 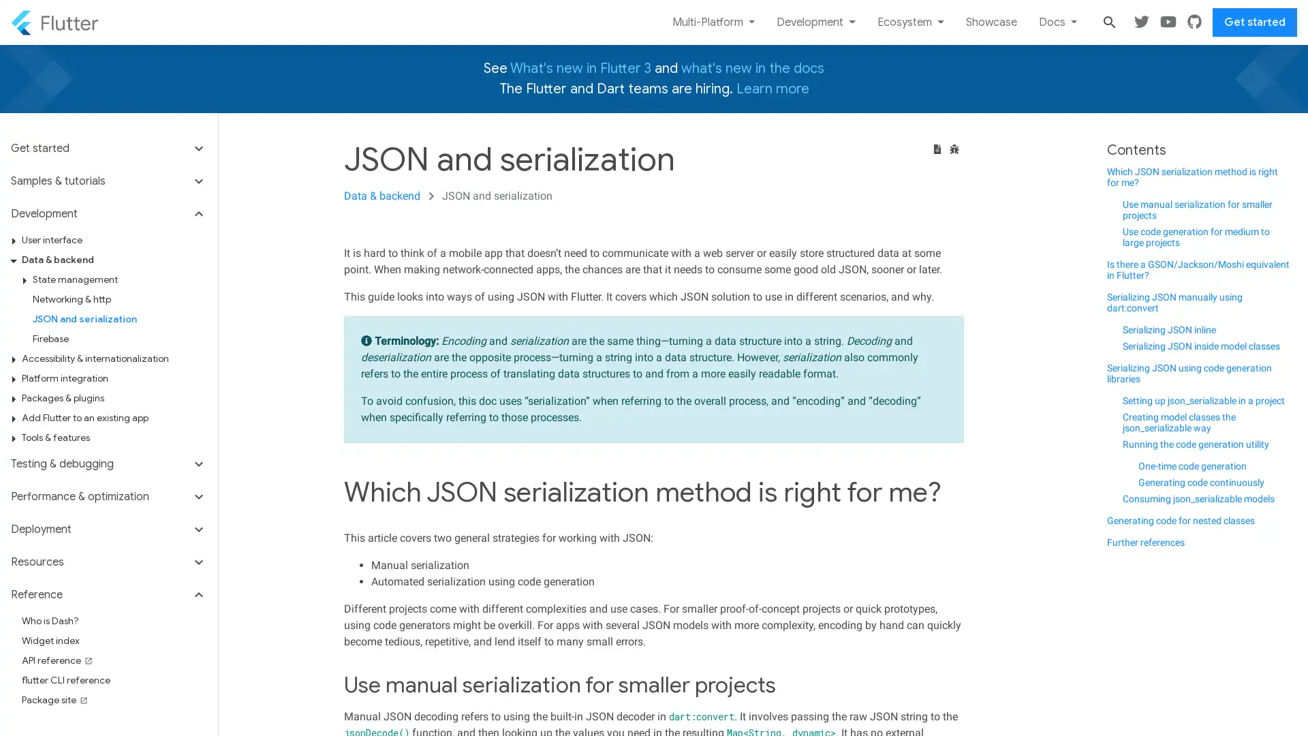 I want to click on Samples & tutorials keyboard_arrow_down, so click(x=108, y=181).